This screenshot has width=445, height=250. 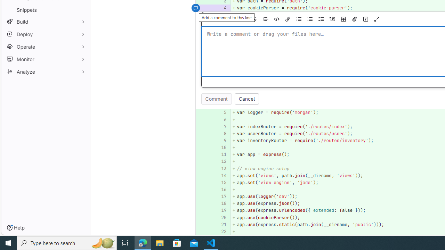 What do you see at coordinates (220, 161) in the screenshot?
I see `'12'` at bounding box center [220, 161].